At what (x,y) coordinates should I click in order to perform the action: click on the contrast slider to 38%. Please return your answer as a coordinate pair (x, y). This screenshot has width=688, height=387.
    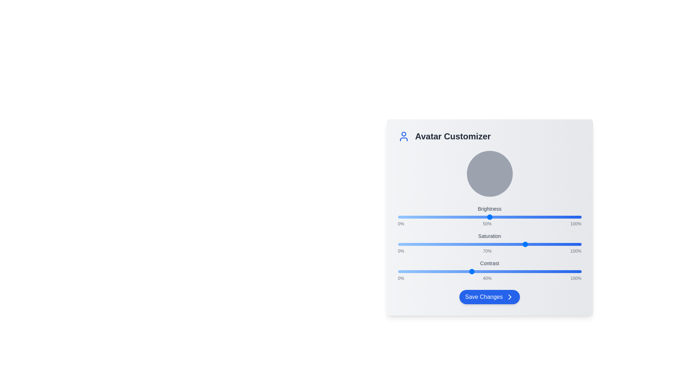
    Looking at the image, I should click on (468, 272).